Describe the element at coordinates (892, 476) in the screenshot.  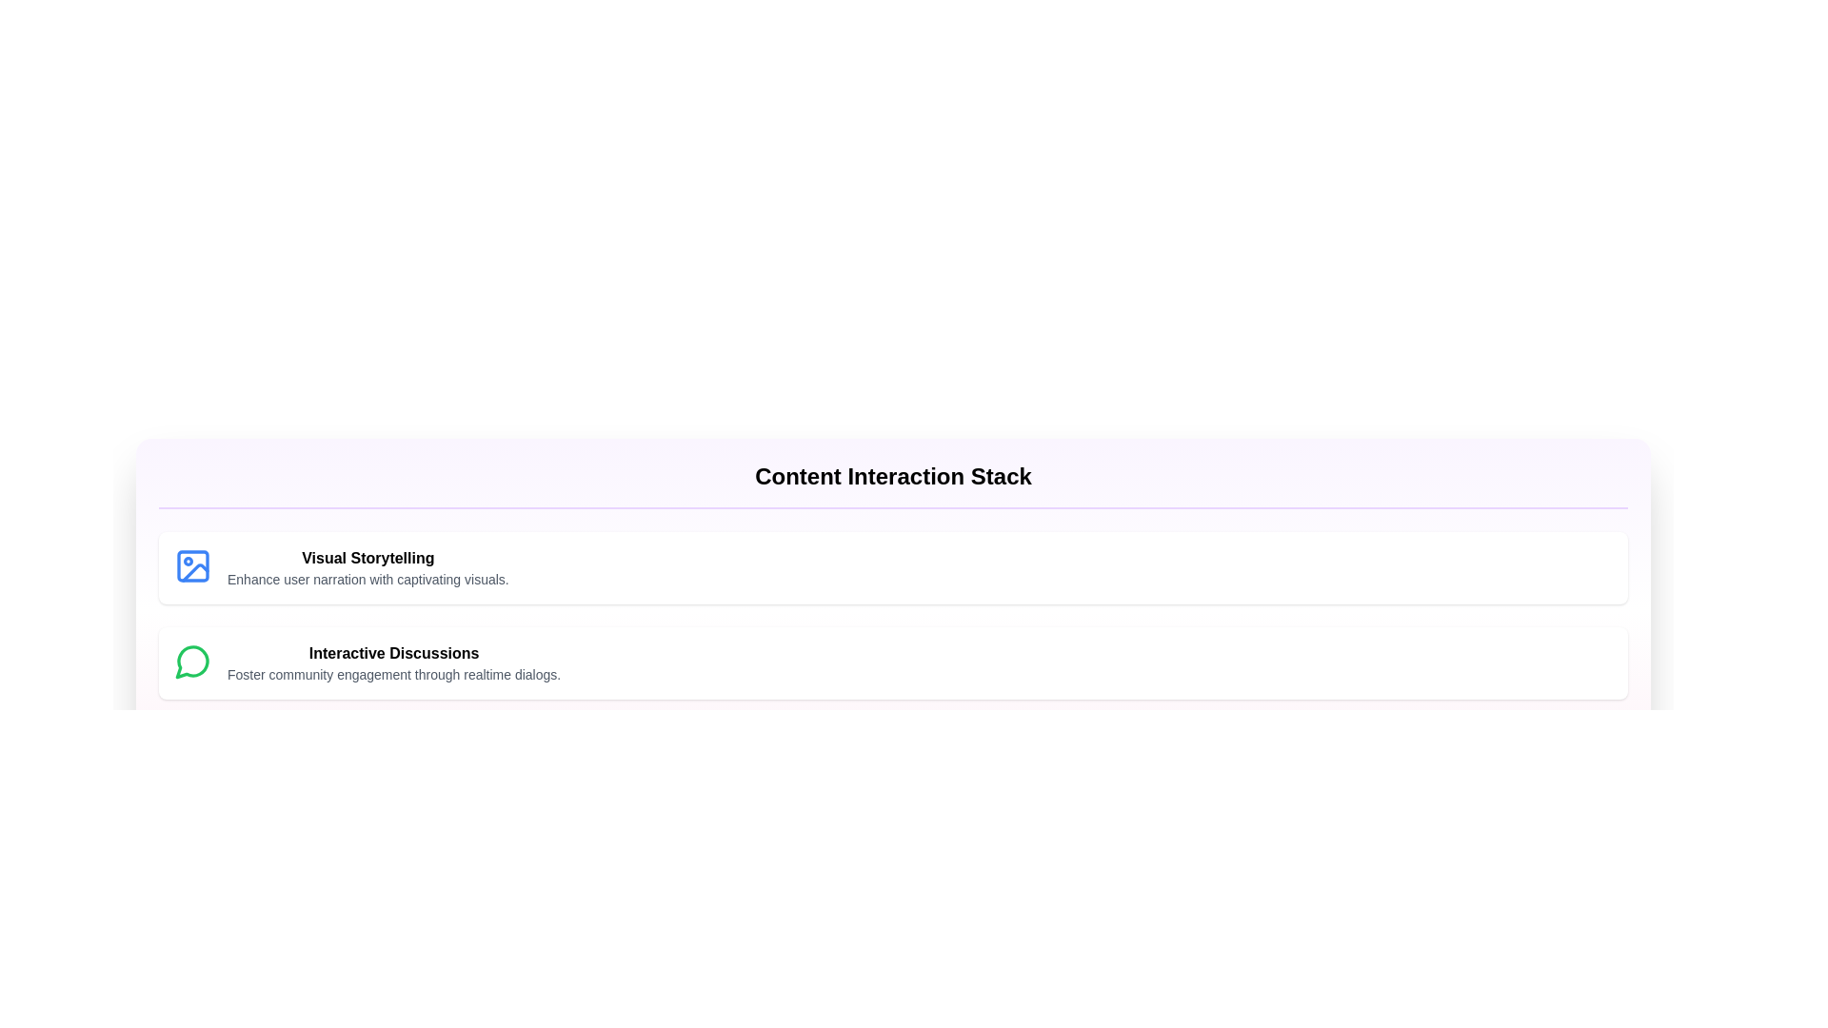
I see `the static title or heading that indicates 'Content Interaction Stack', which is located at the top of a section and is horizontally centered` at that location.